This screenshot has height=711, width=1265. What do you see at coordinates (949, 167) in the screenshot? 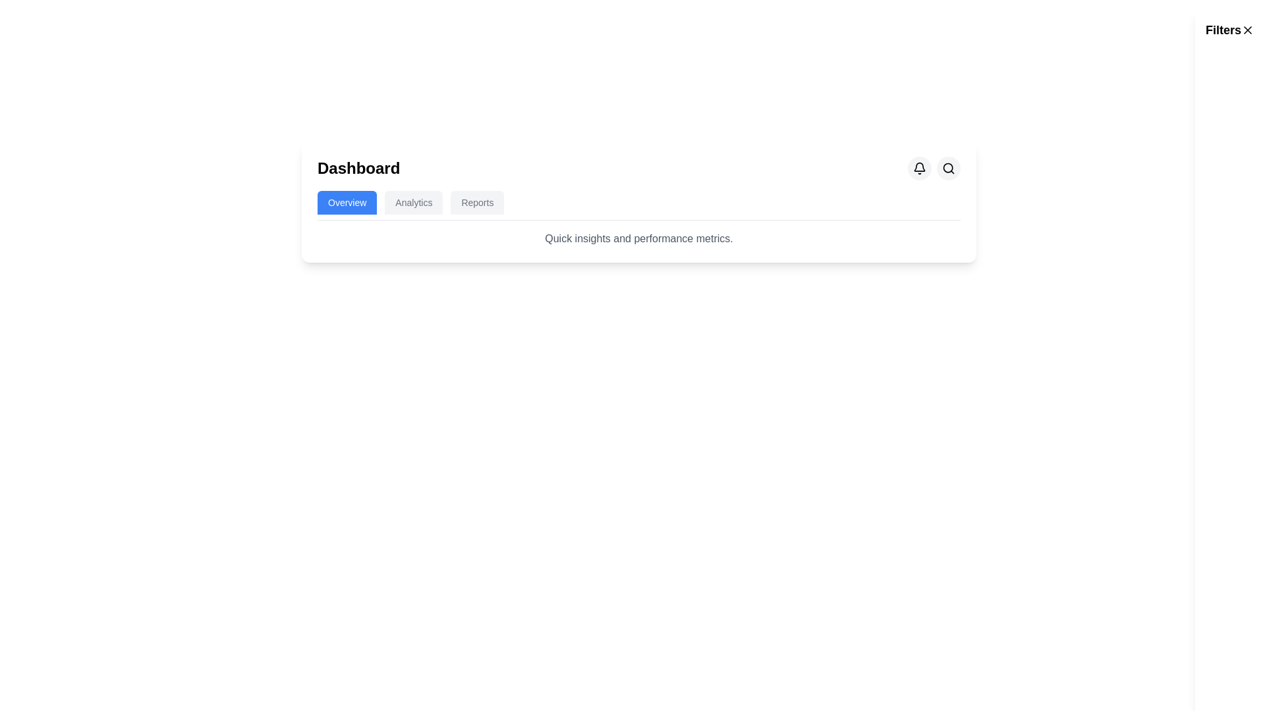
I see `the search icon located at the top-right corner of the main dashboard interface` at bounding box center [949, 167].